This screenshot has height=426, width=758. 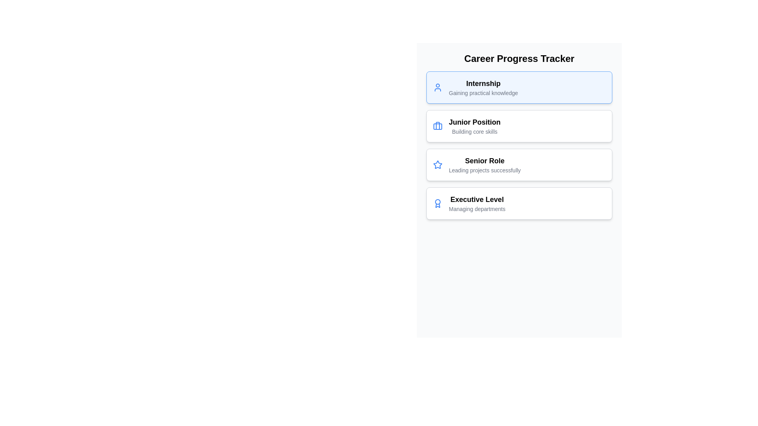 I want to click on the blue award icon with a circular center and decorative details, located within the 'Executive Level' card, positioned to the left of its textual content, so click(x=437, y=203).